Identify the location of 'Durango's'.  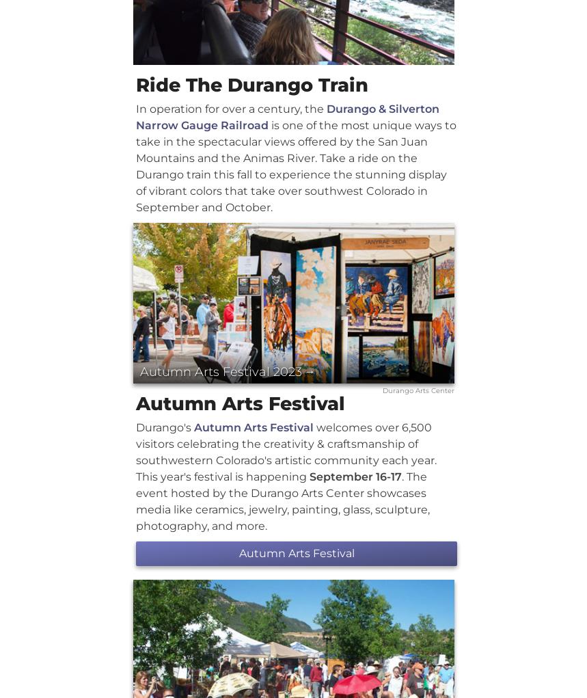
(164, 427).